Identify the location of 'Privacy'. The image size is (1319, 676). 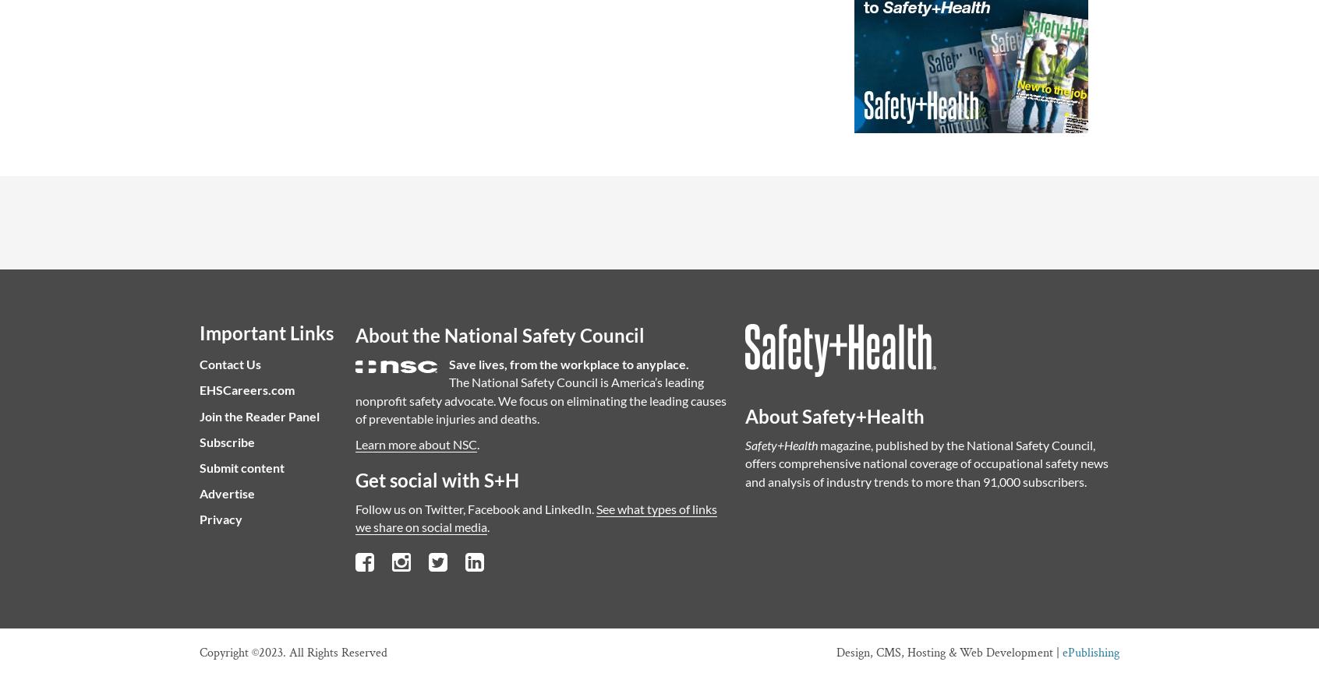
(199, 519).